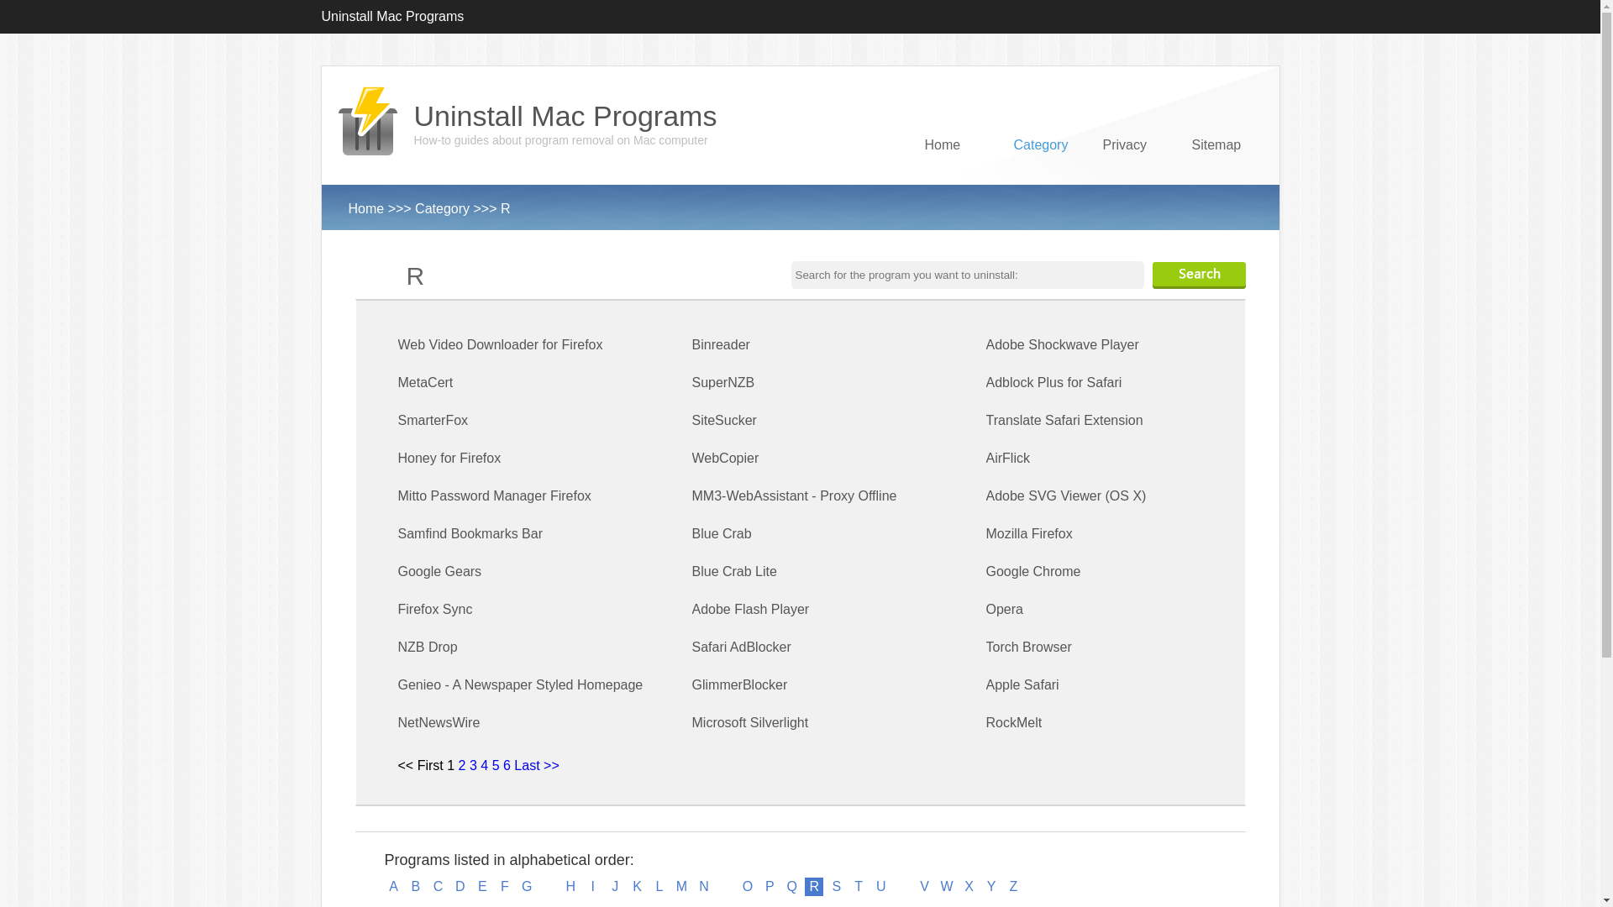  I want to click on 'Last >>', so click(535, 765).